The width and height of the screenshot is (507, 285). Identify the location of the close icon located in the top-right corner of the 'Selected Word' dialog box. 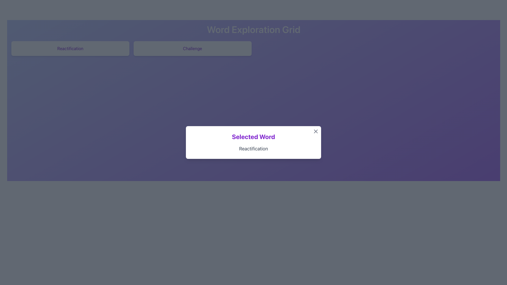
(316, 131).